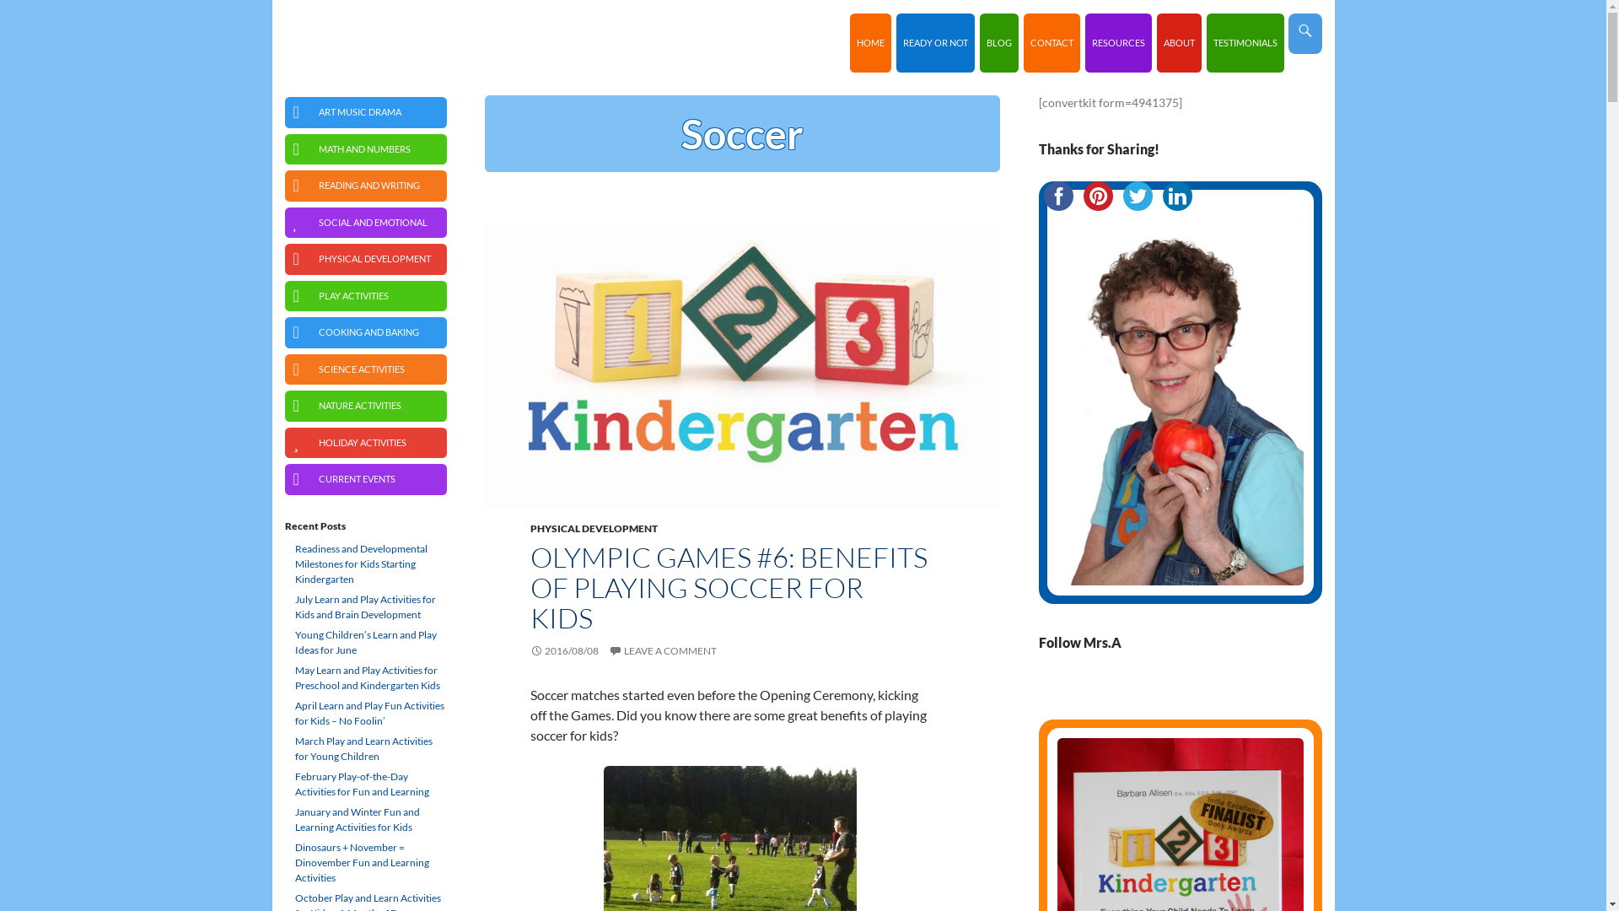 This screenshot has height=911, width=1619. I want to click on 'SCIENCE ACTIVITIES', so click(364, 369).